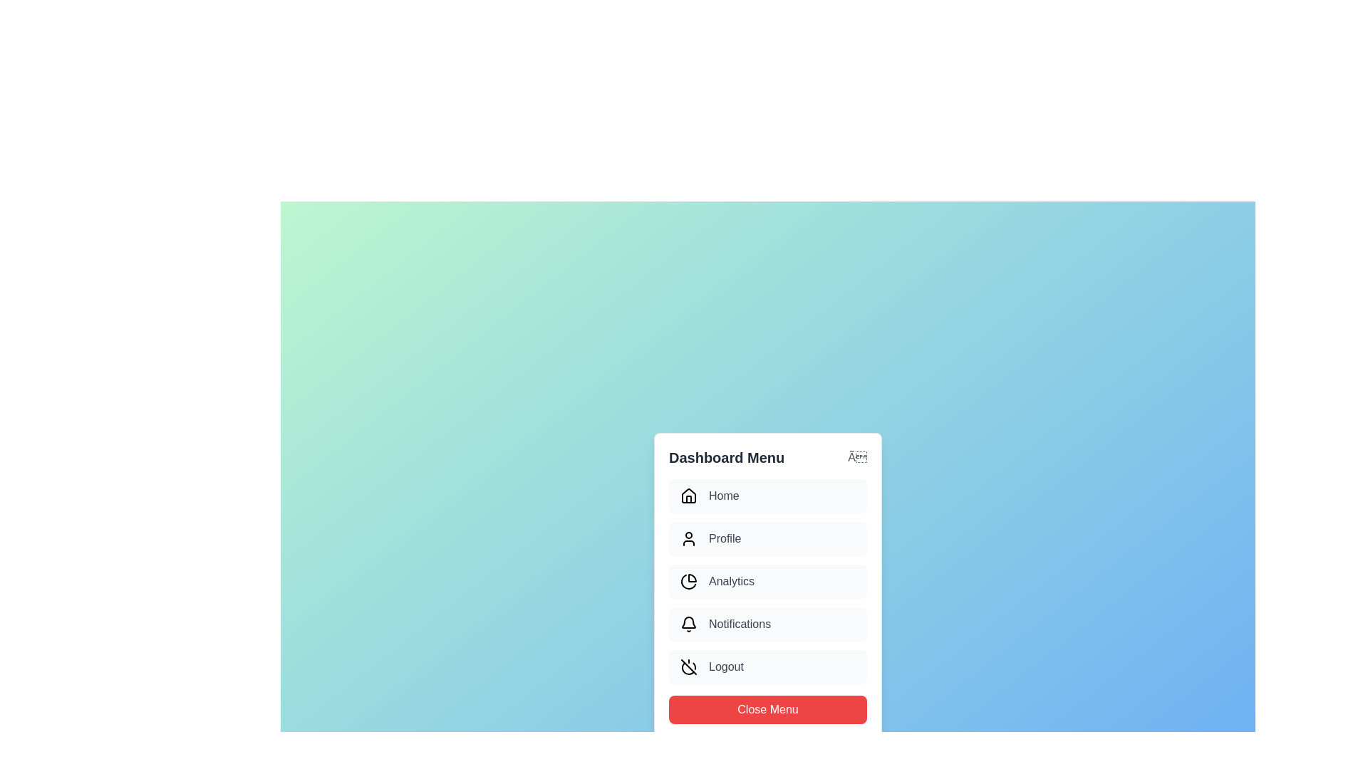 Image resolution: width=1368 pixels, height=769 pixels. Describe the element at coordinates (767, 538) in the screenshot. I see `the menu item labeled Profile to inspect its icon and text label` at that location.